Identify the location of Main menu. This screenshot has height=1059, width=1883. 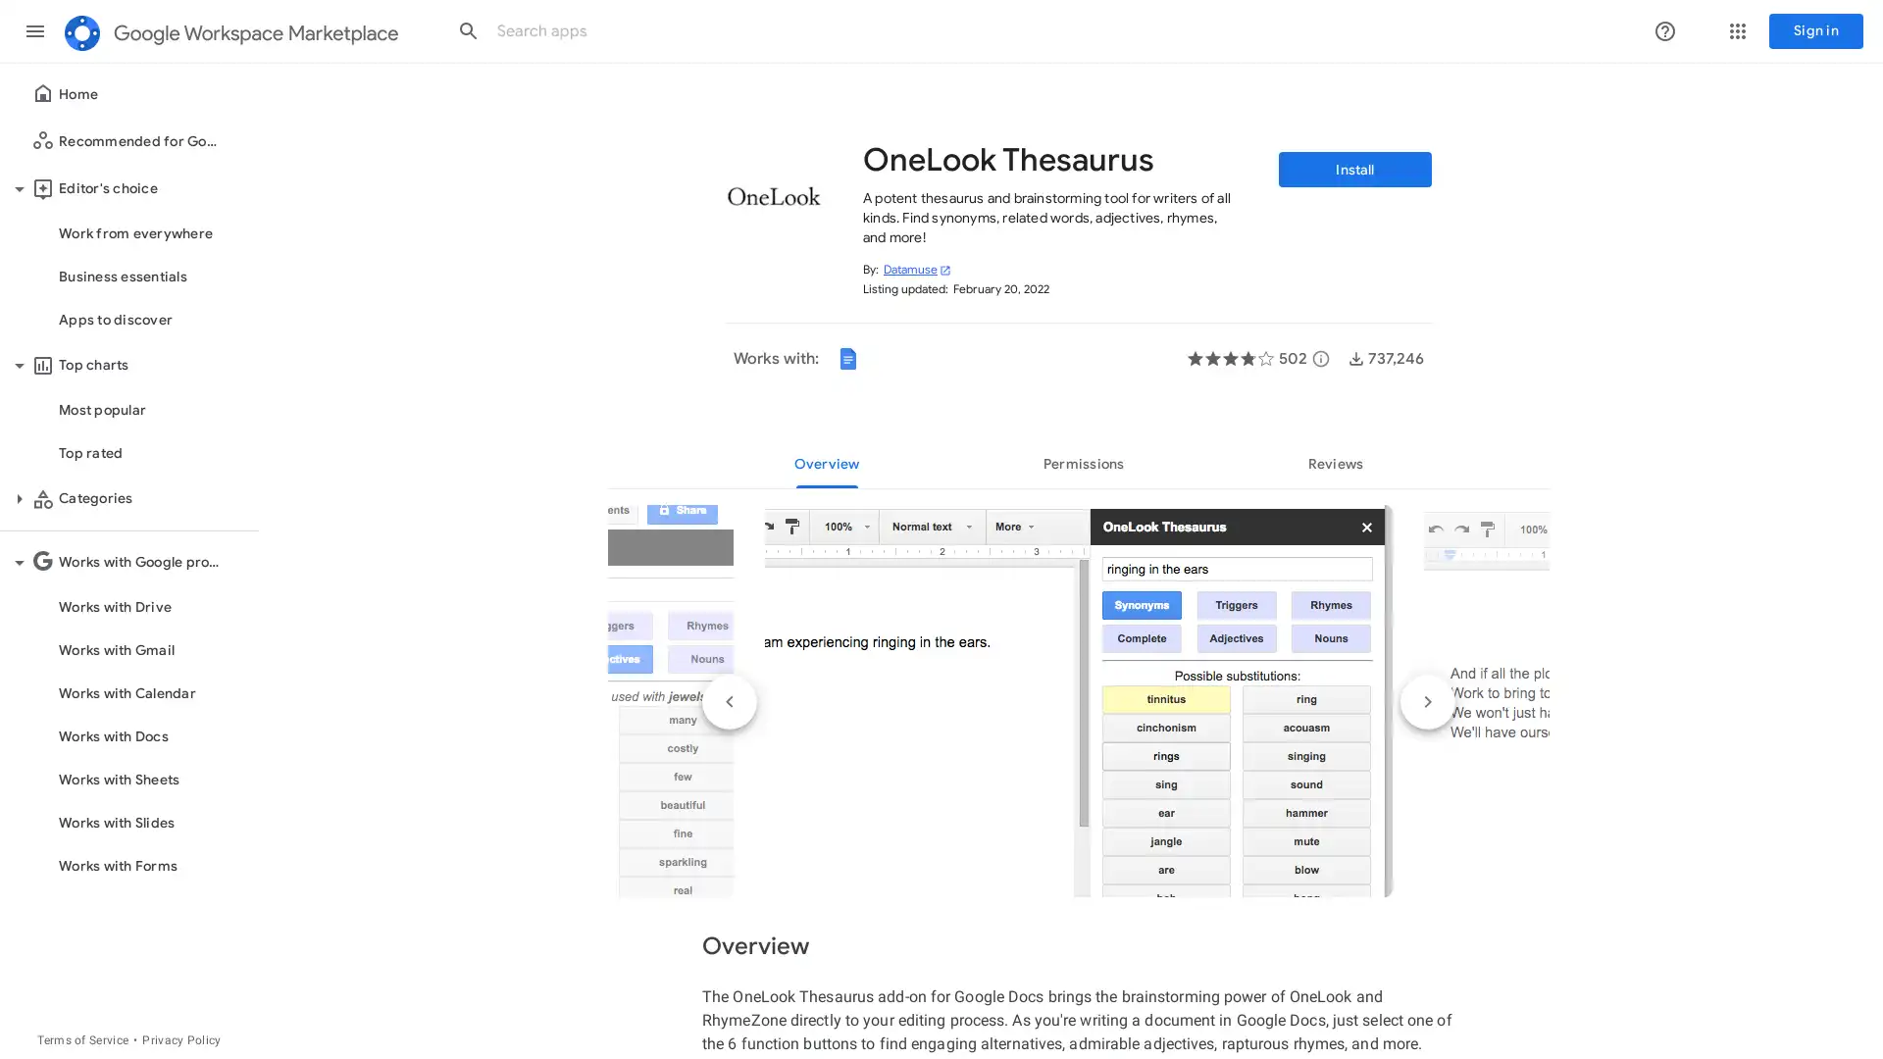
(34, 30).